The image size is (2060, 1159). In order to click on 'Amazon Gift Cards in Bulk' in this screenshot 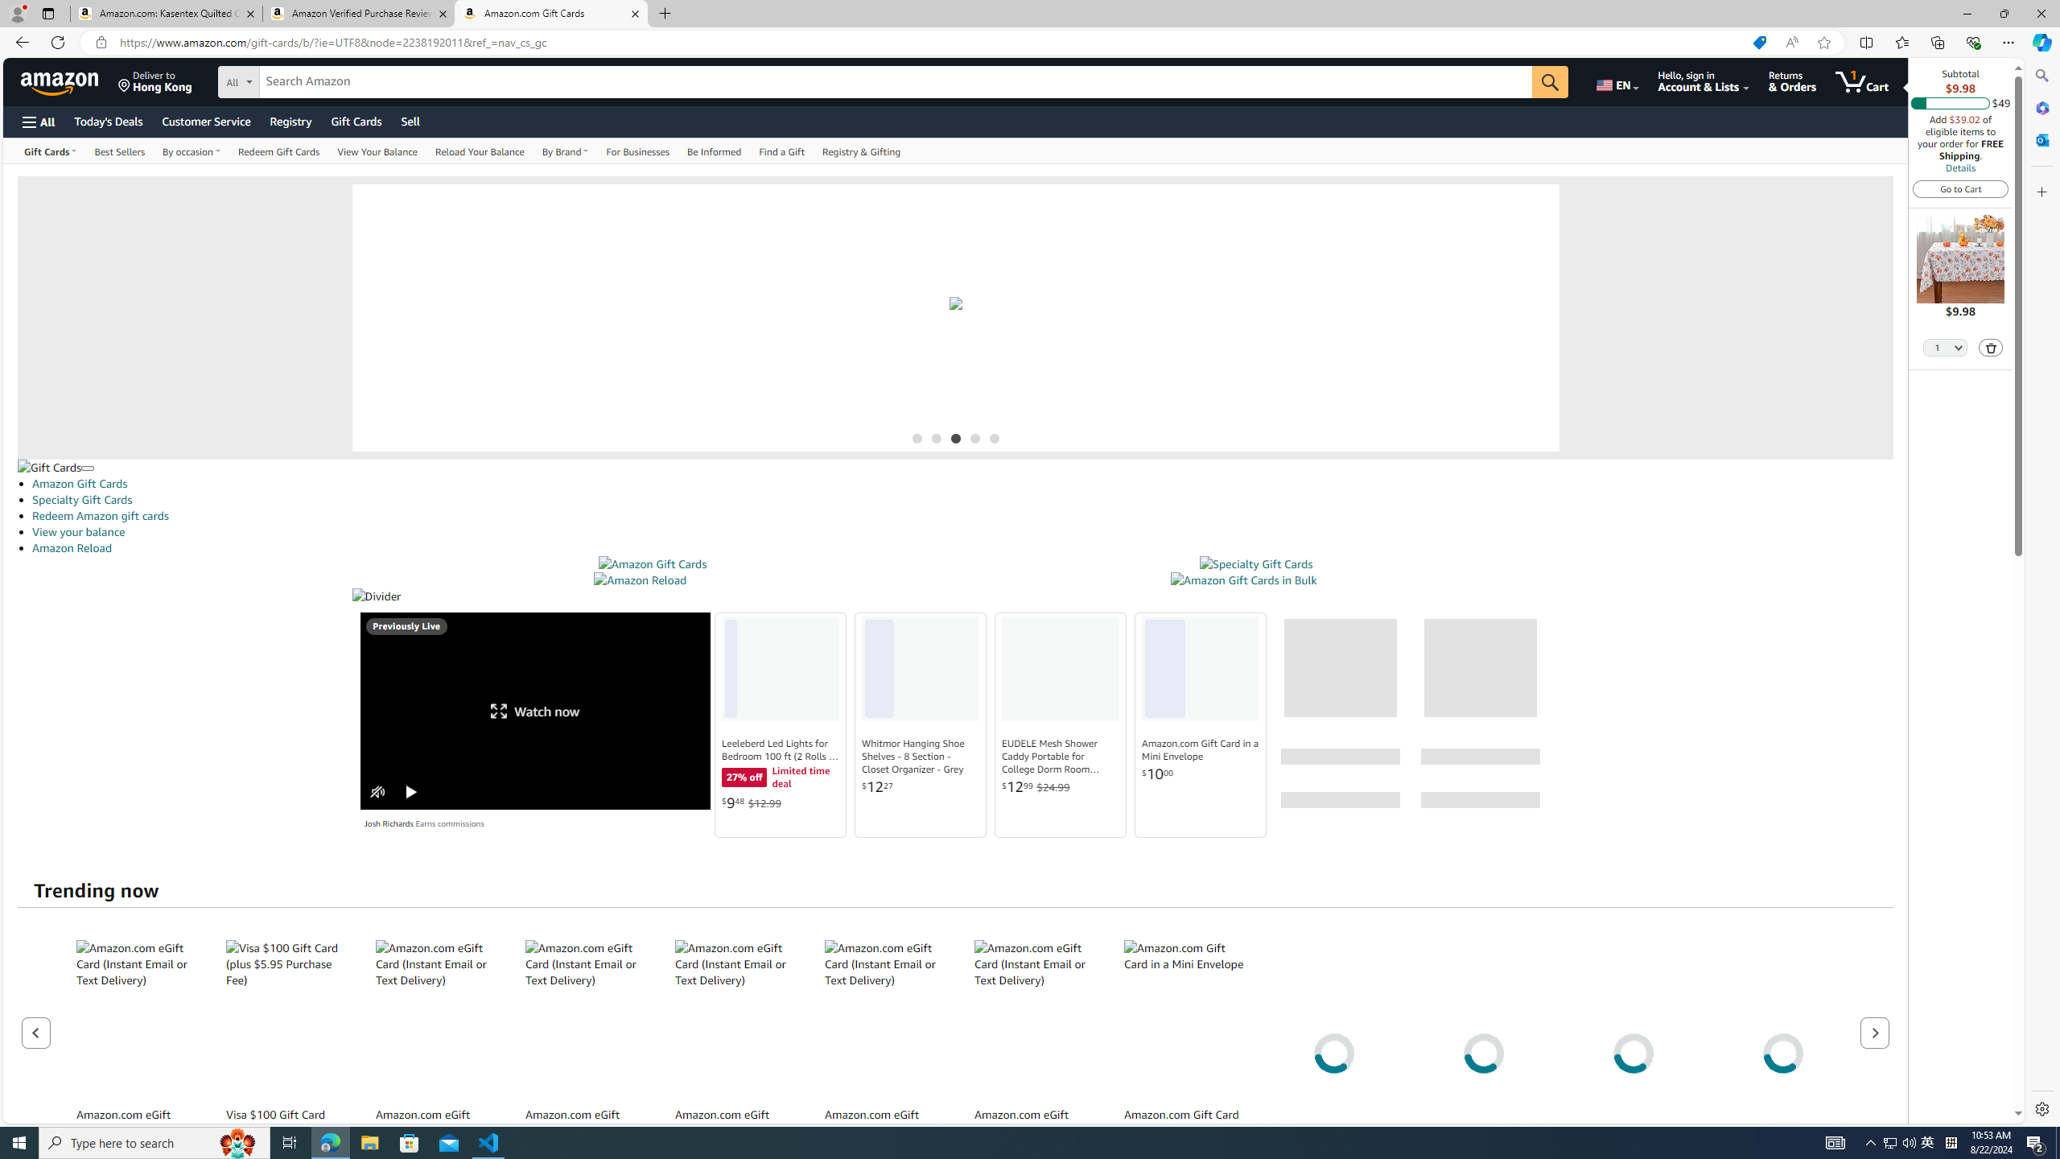, I will do `click(1242, 579)`.